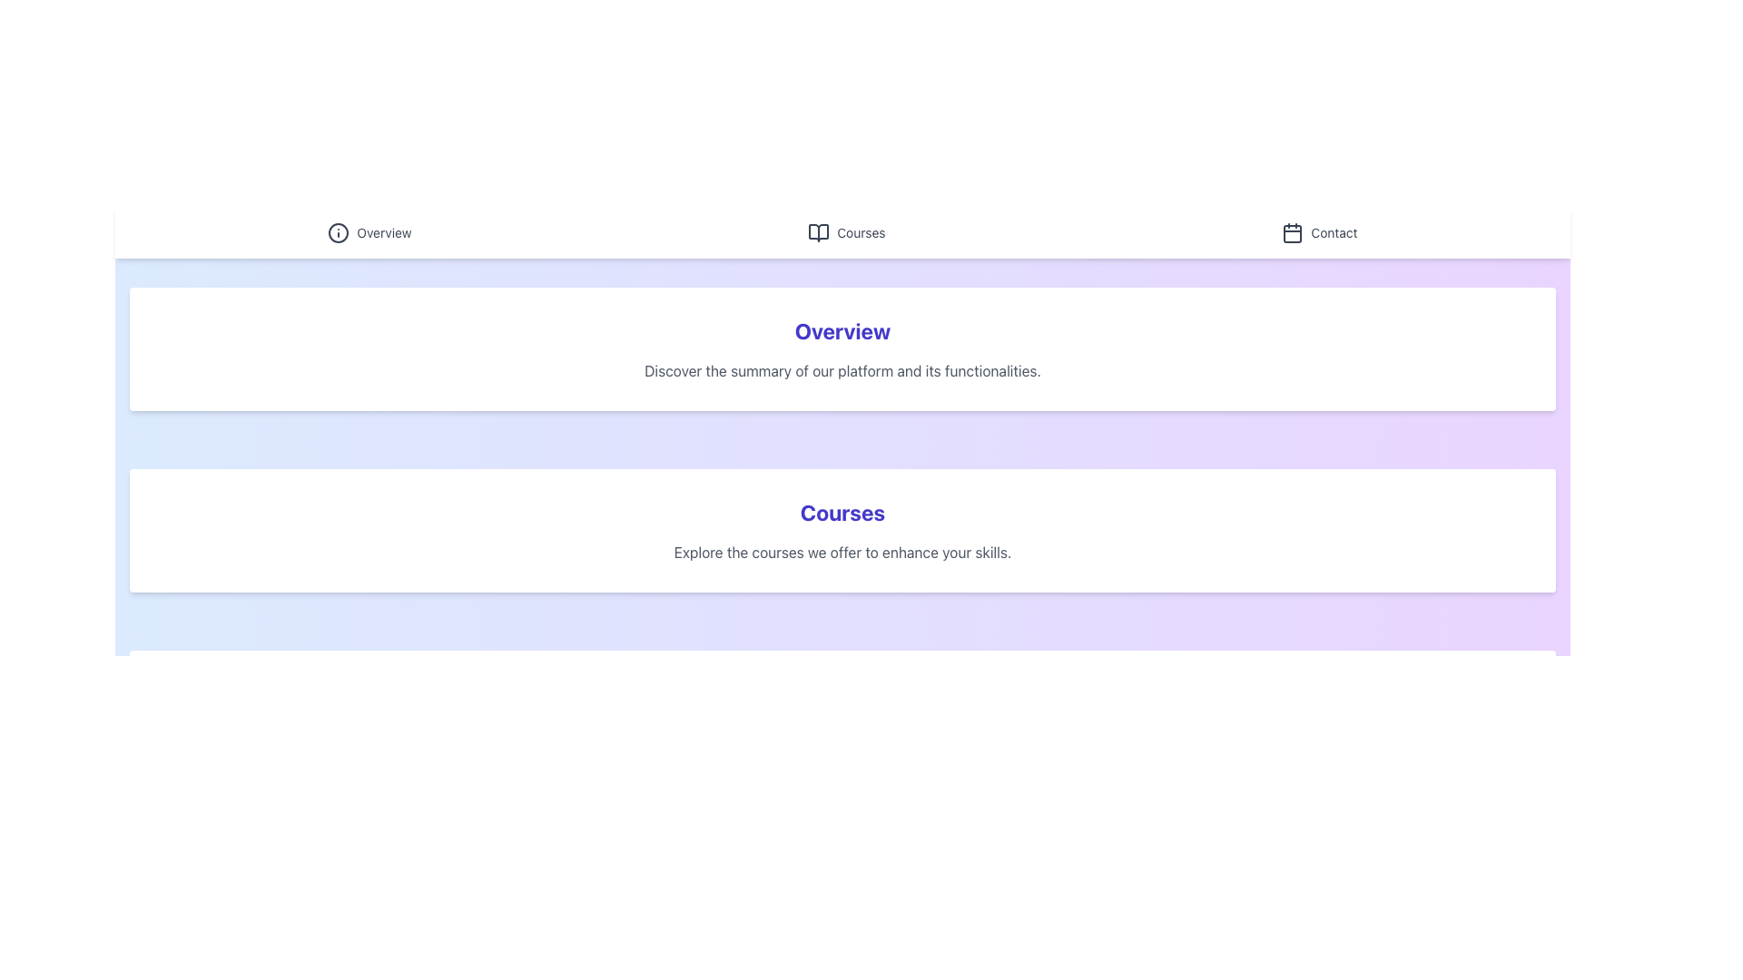 The width and height of the screenshot is (1743, 980). What do you see at coordinates (369, 232) in the screenshot?
I see `the 'Overview' hyperlink with an information icon` at bounding box center [369, 232].